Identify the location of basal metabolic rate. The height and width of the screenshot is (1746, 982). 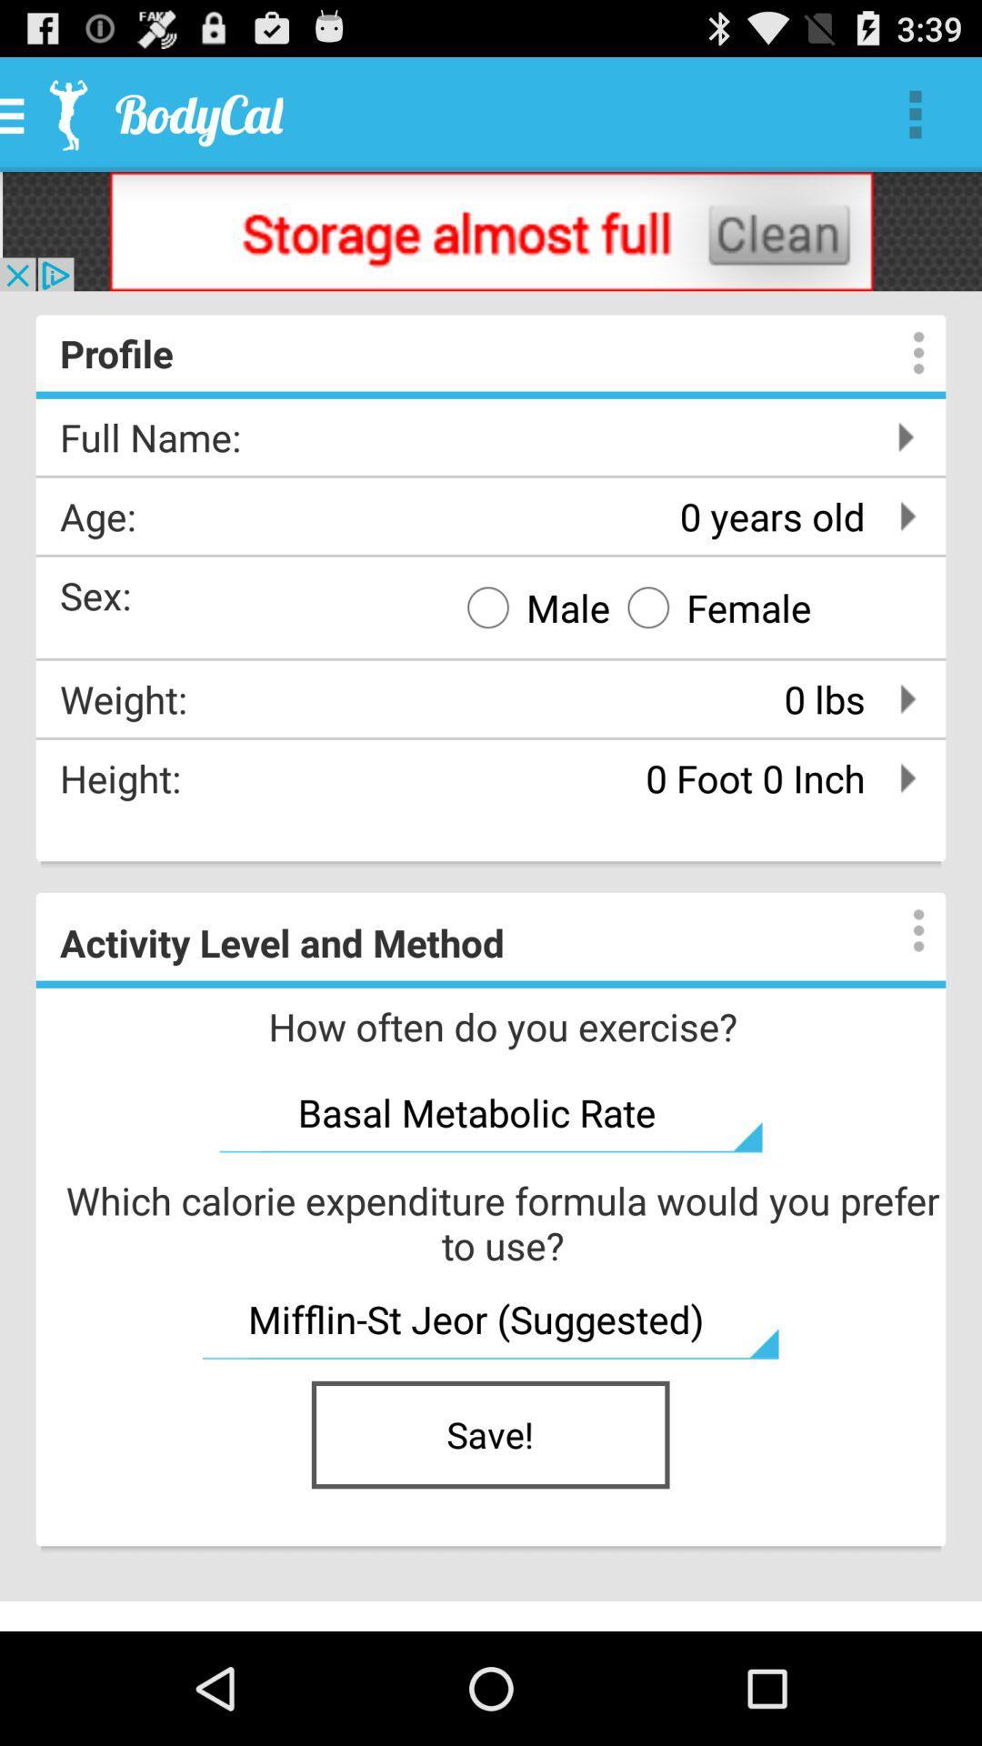
(491, 1112).